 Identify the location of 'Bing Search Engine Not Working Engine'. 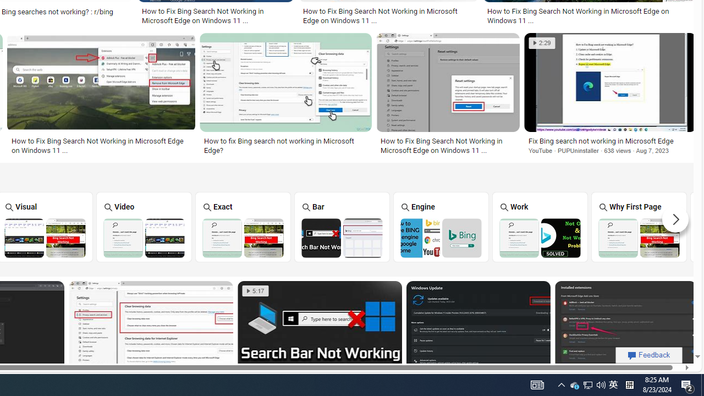
(441, 226).